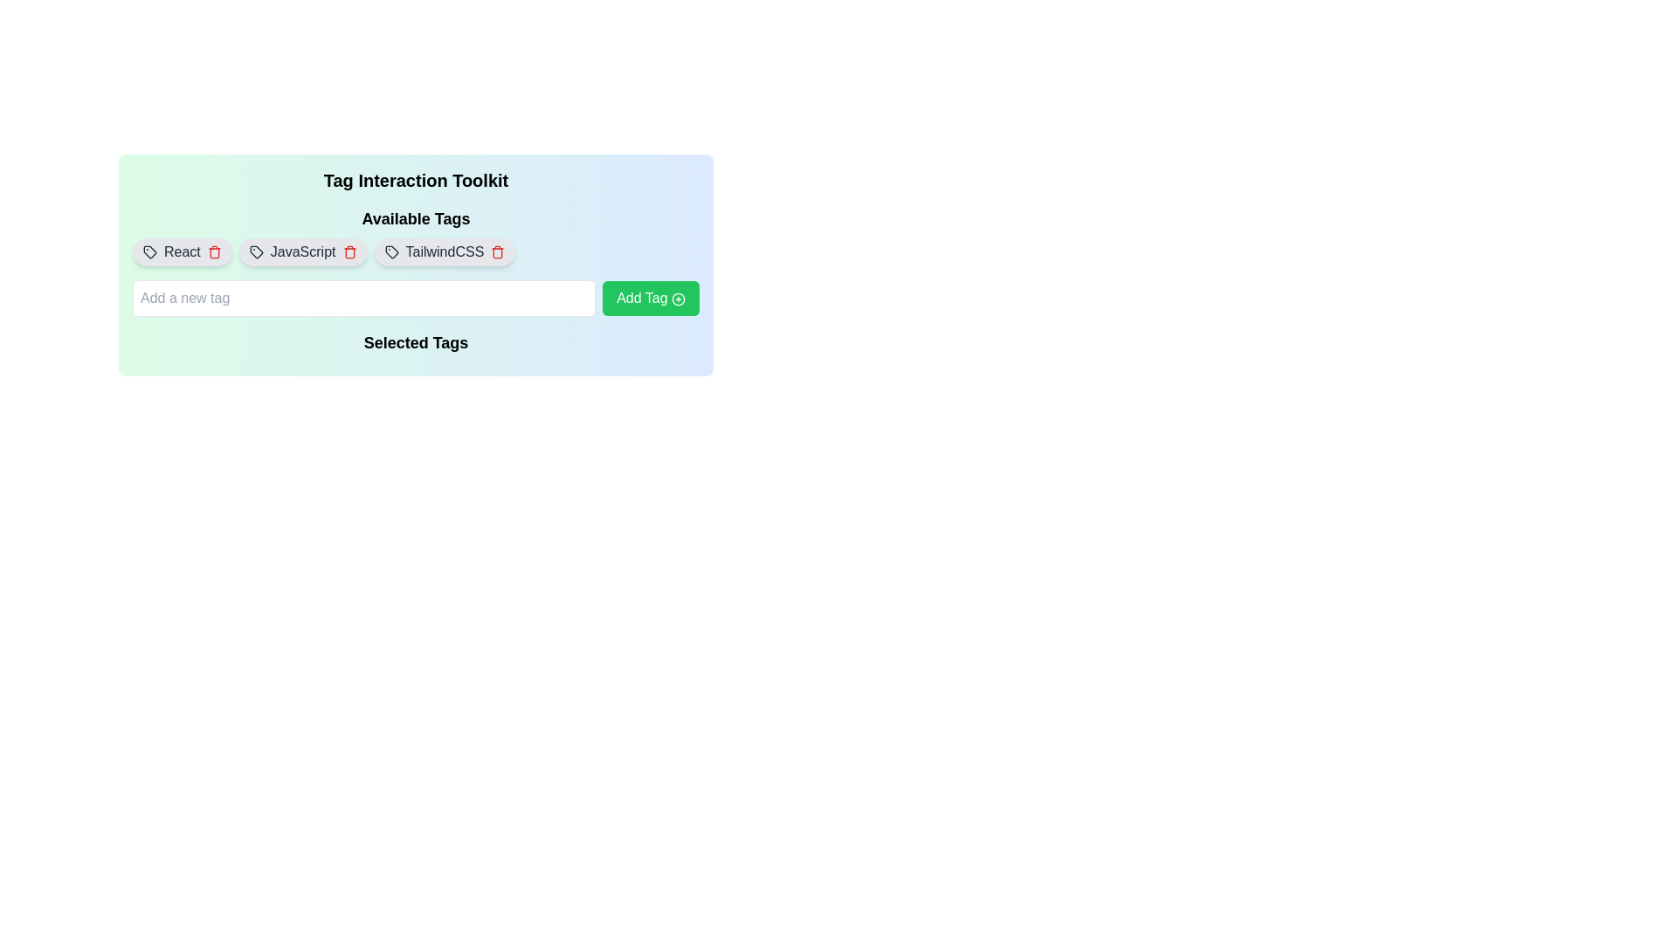 This screenshot has height=943, width=1677. Describe the element at coordinates (415, 347) in the screenshot. I see `the Text Label that identifies the area for user-selected tags, located beneath the 'Add Tag' options` at that location.